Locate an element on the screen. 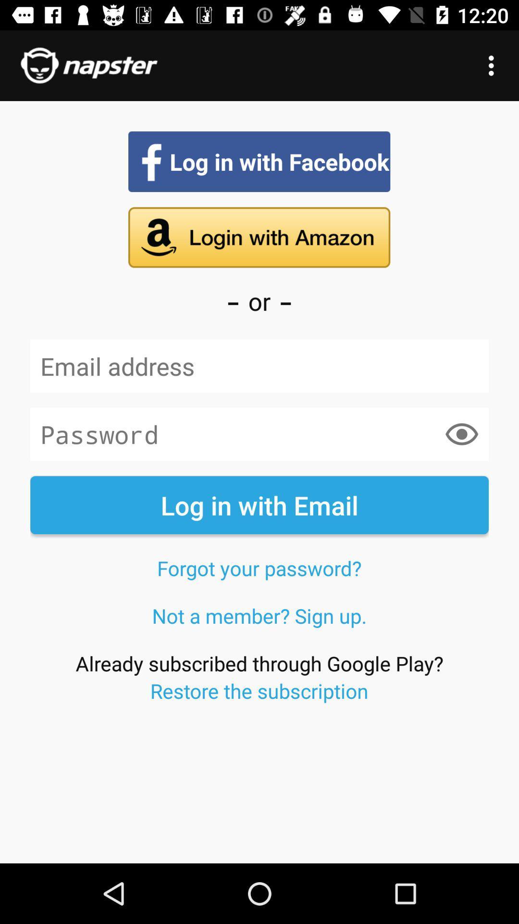 This screenshot has width=519, height=924. the icon at the top right corner is located at coordinates (494, 65).